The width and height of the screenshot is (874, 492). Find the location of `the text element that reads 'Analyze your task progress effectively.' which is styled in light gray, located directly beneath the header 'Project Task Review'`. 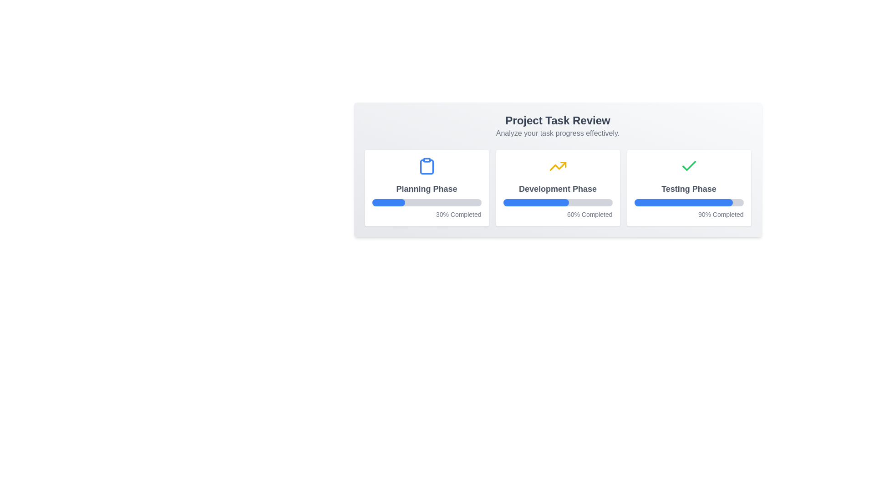

the text element that reads 'Analyze your task progress effectively.' which is styled in light gray, located directly beneath the header 'Project Task Review' is located at coordinates (557, 133).